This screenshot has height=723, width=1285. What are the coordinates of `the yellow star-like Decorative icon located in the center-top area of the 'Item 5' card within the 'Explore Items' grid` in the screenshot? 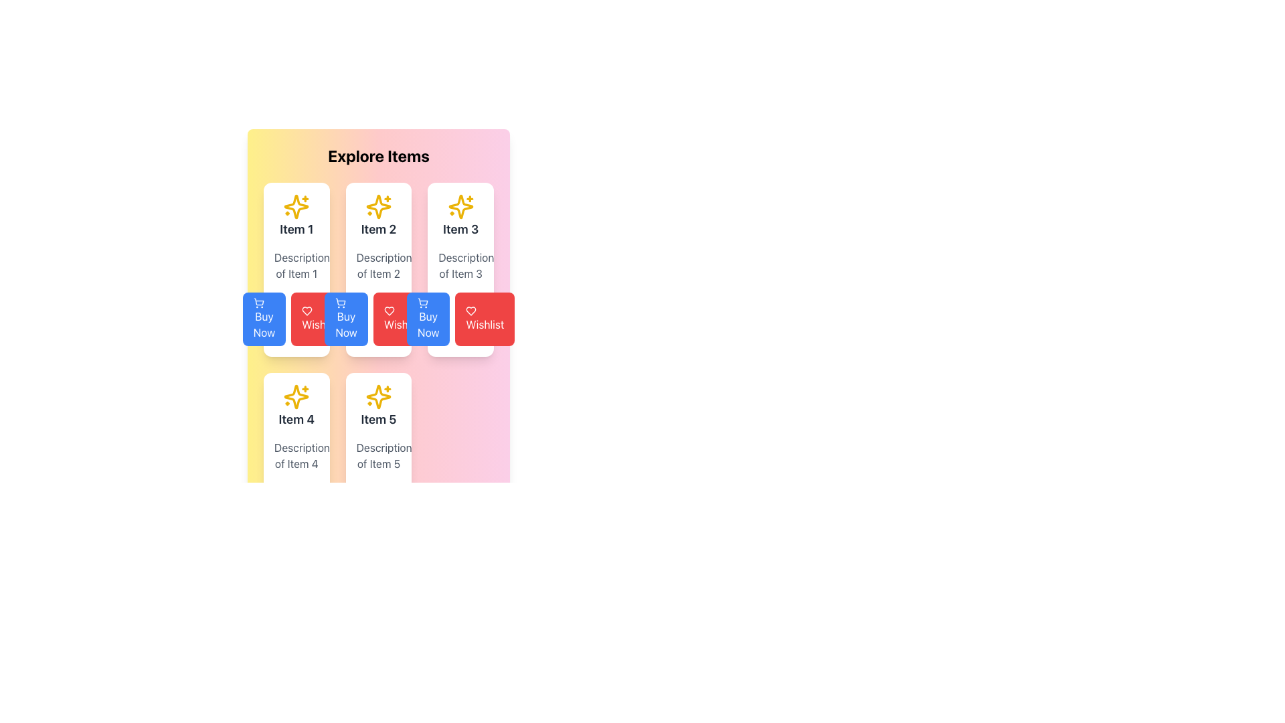 It's located at (378, 396).